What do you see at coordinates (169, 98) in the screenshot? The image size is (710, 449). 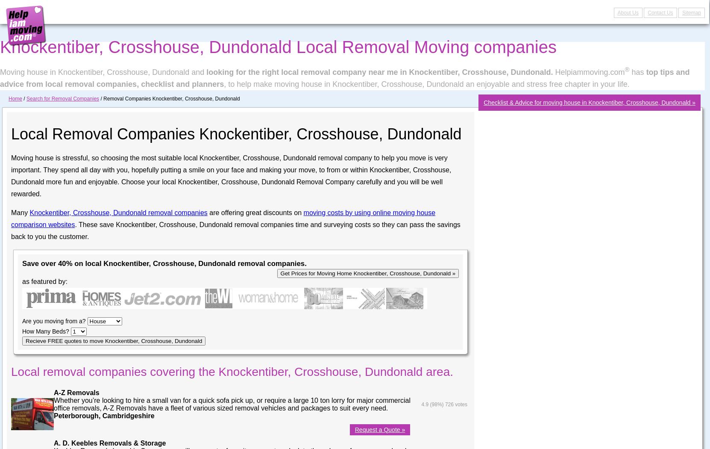 I see `'/ Removal Companies Knockentiber, Crosshouse, Dundonald'` at bounding box center [169, 98].